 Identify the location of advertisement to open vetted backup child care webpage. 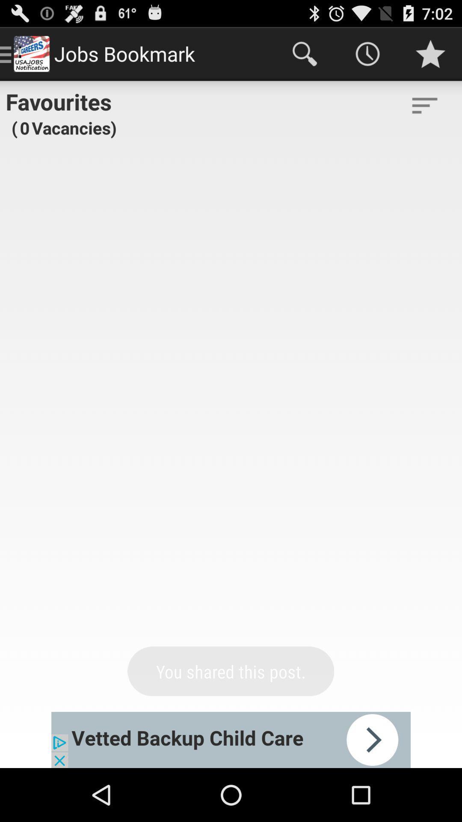
(231, 739).